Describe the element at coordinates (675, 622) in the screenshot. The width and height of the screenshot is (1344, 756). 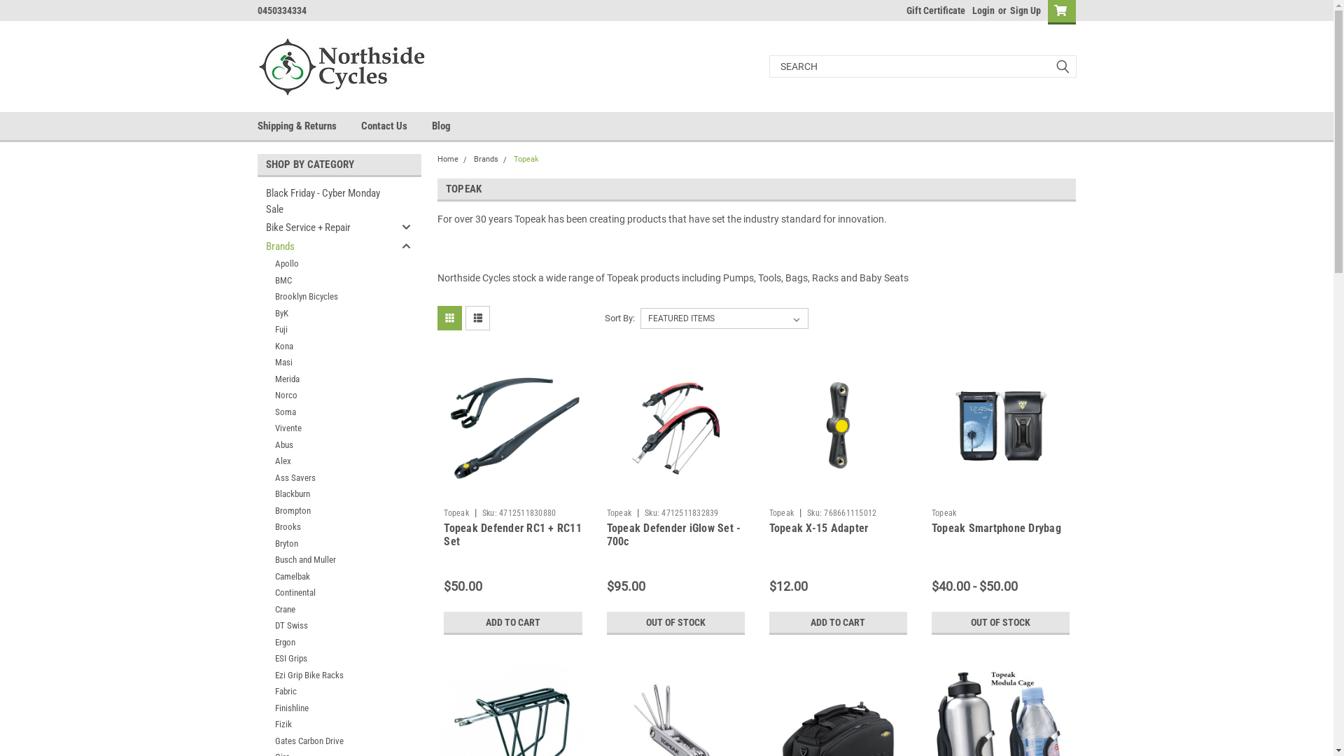
I see `'OUT OF STOCK'` at that location.